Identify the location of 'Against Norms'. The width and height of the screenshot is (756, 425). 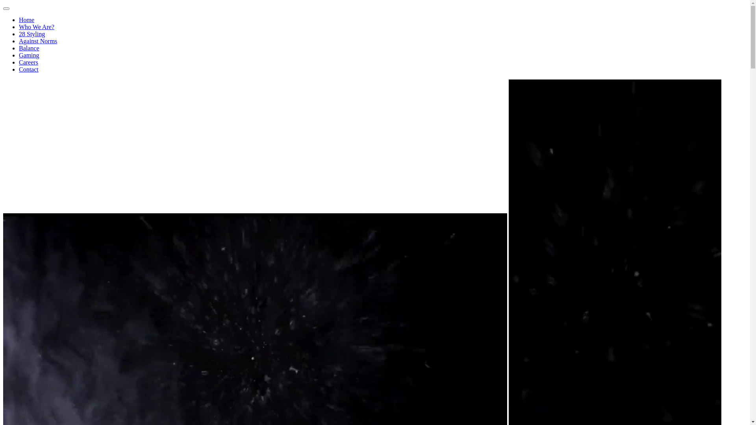
(19, 41).